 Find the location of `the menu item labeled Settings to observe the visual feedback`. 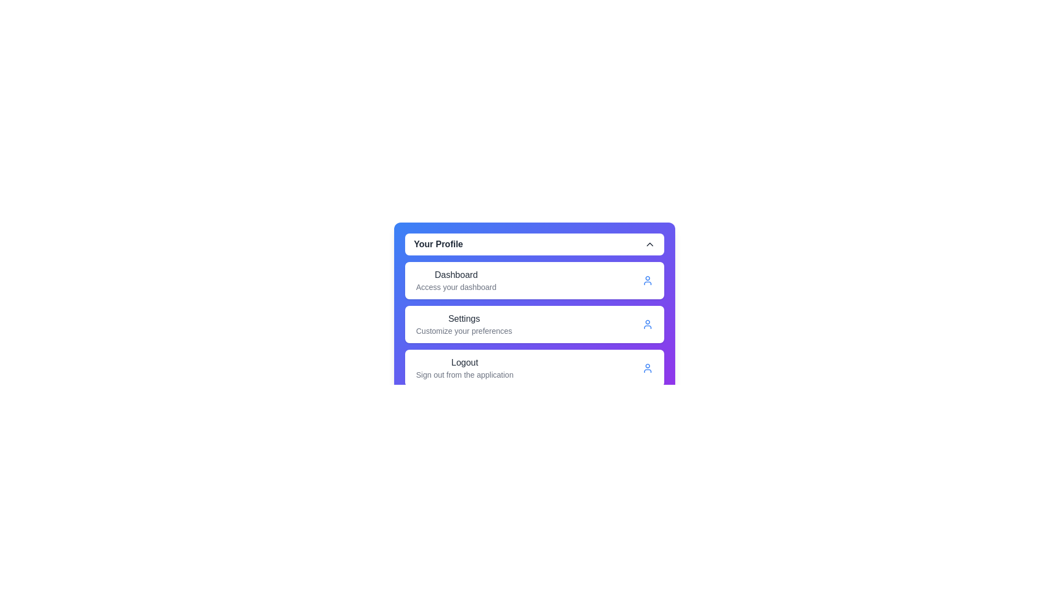

the menu item labeled Settings to observe the visual feedback is located at coordinates (463, 323).